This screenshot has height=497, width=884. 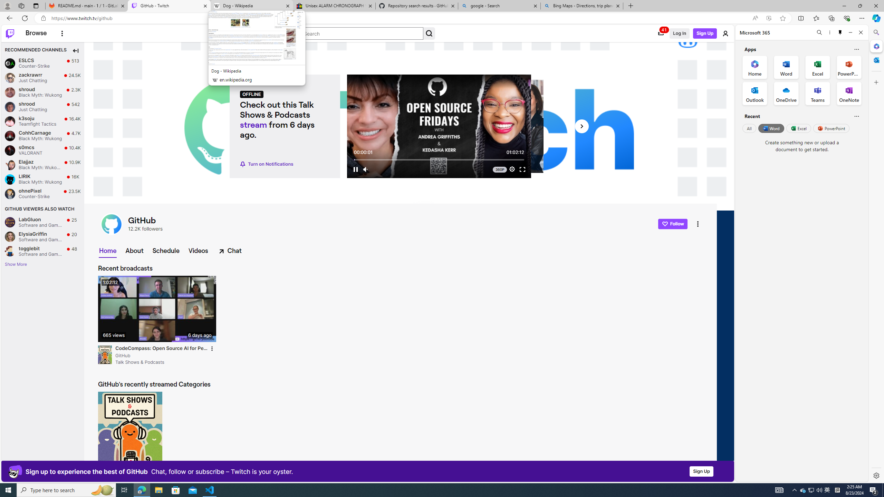 What do you see at coordinates (10, 63) in the screenshot?
I see `'ESLCS'` at bounding box center [10, 63].